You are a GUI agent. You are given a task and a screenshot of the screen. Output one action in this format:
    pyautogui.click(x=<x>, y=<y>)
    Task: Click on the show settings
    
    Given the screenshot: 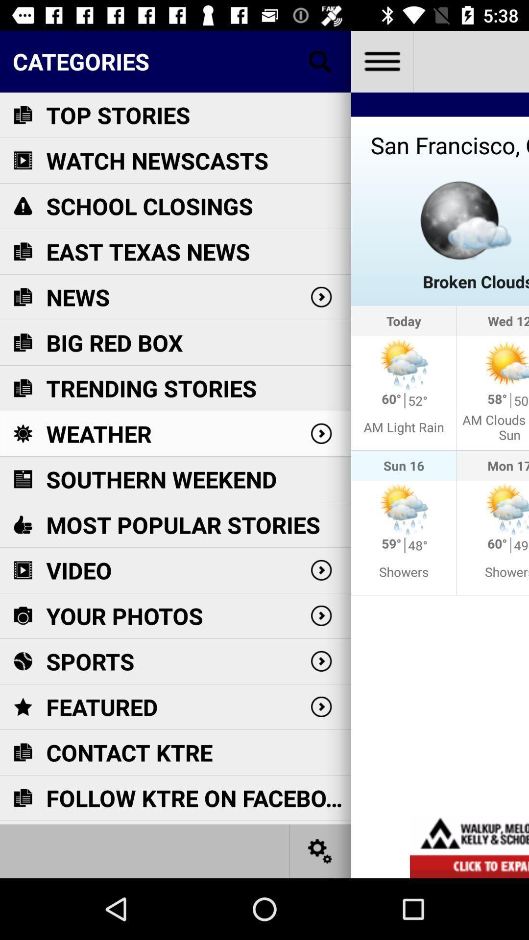 What is the action you would take?
    pyautogui.click(x=320, y=850)
    